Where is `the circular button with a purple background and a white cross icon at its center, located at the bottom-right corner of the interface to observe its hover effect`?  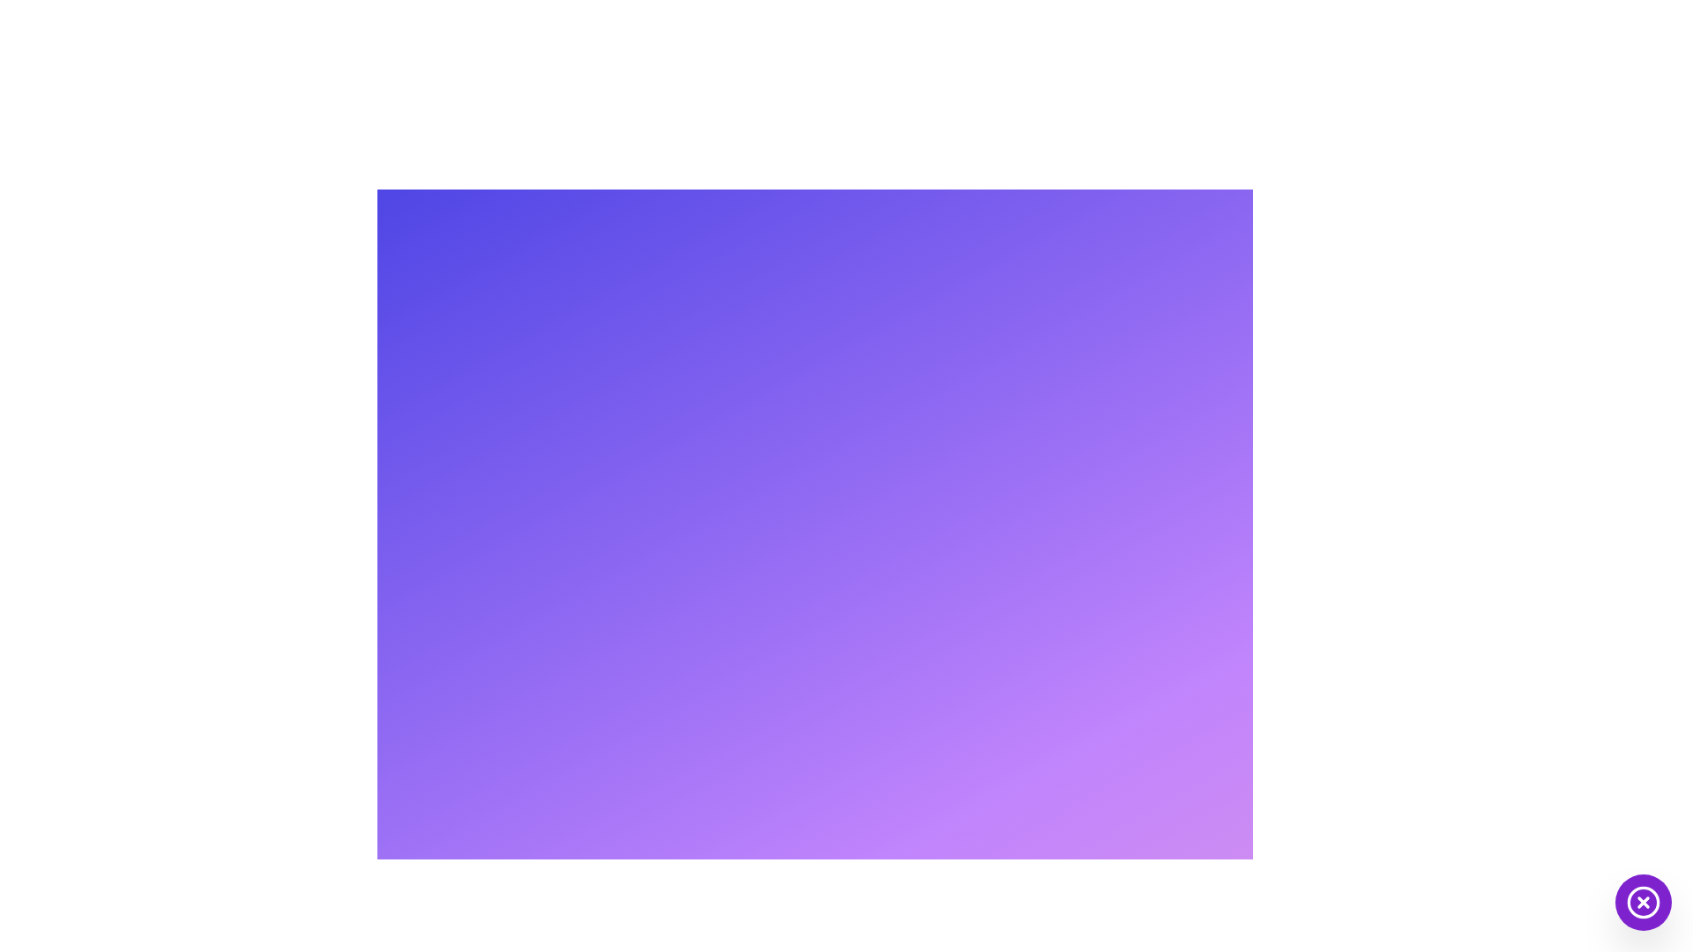
the circular button with a purple background and a white cross icon at its center, located at the bottom-right corner of the interface to observe its hover effect is located at coordinates (1642, 902).